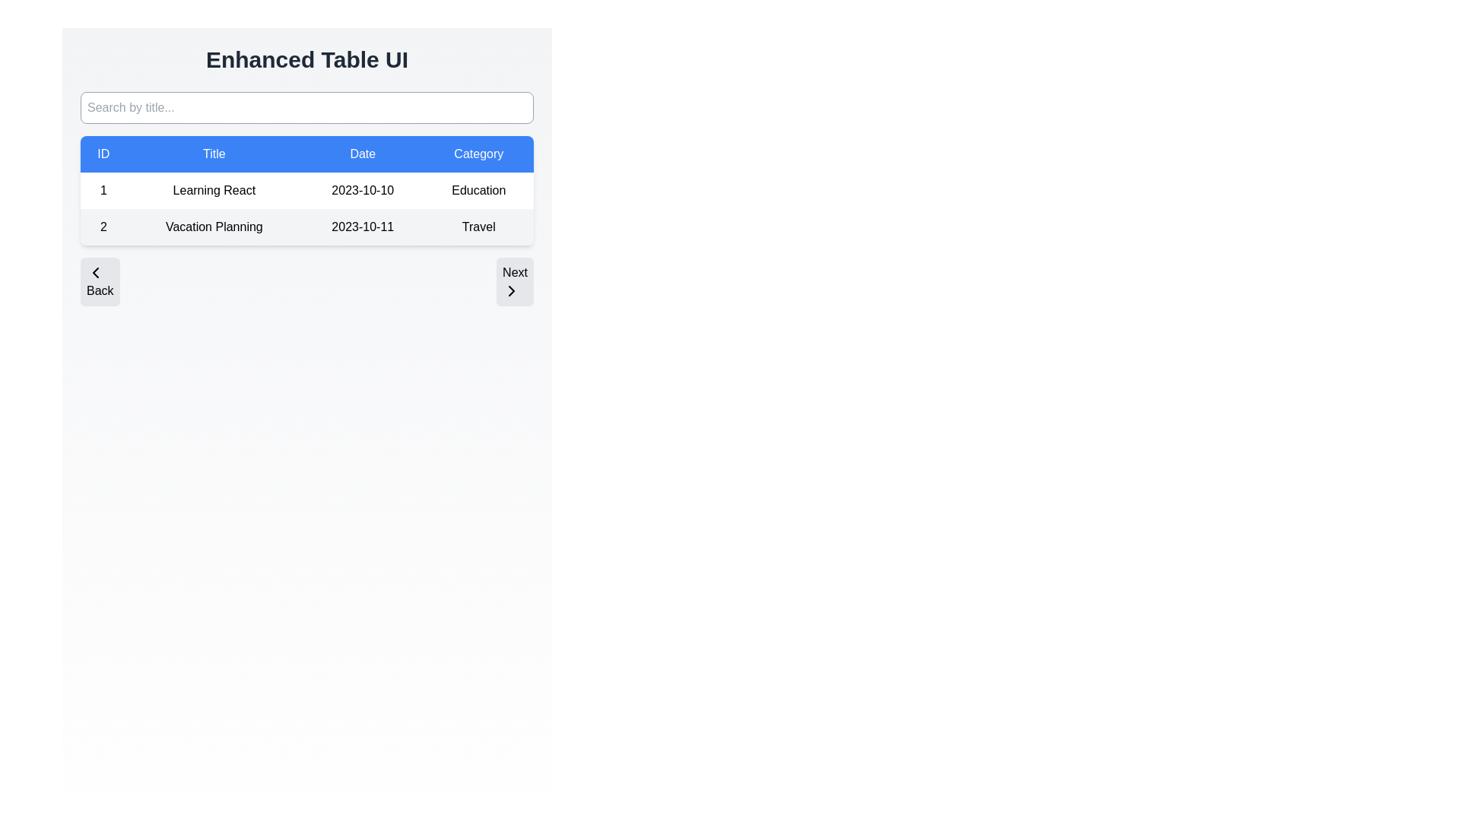  Describe the element at coordinates (103, 189) in the screenshot. I see `the numeral '1' displayed in a bold font within its unique cell in the first column of the table` at that location.